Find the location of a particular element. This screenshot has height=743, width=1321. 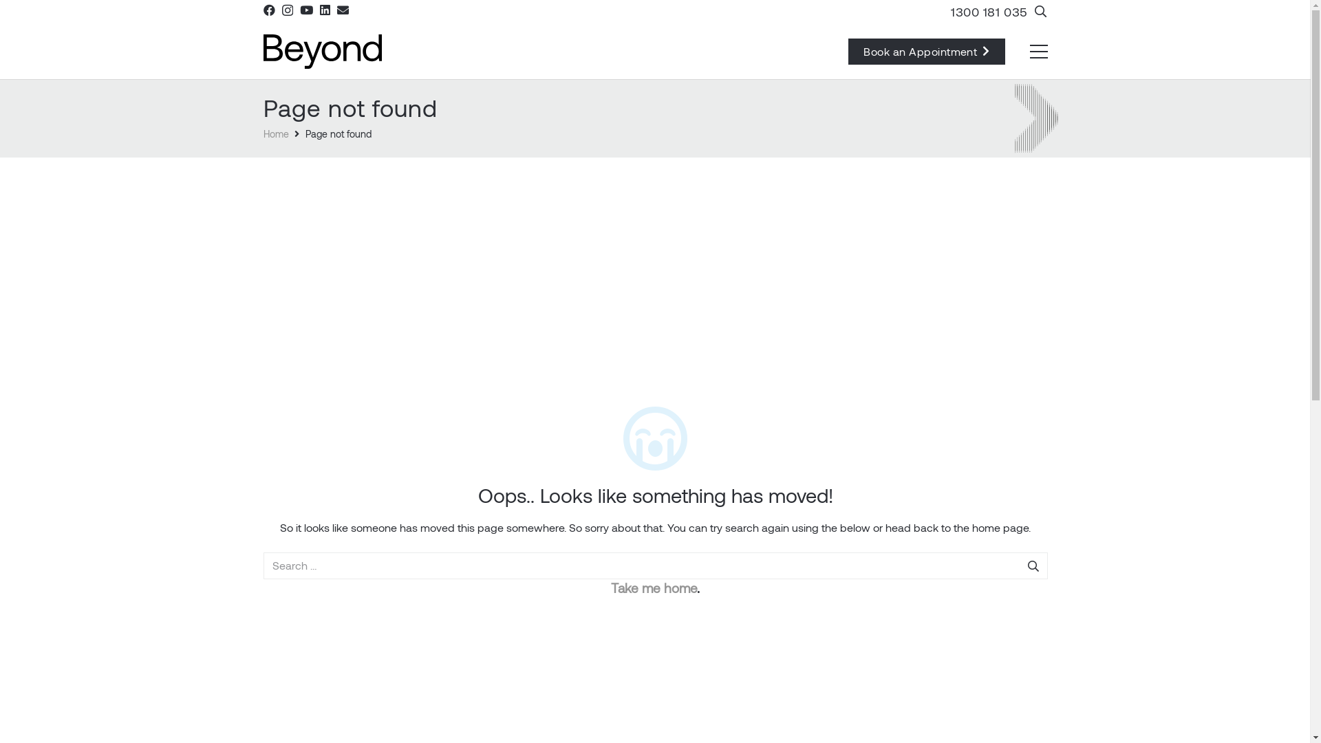

'YouTube' is located at coordinates (740, 601).